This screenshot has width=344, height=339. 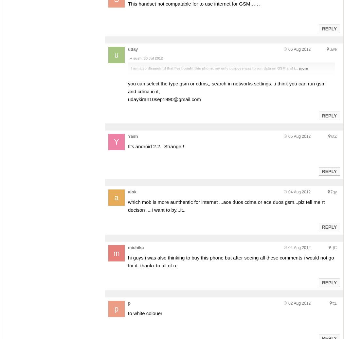 What do you see at coordinates (127, 87) in the screenshot?
I see `'you can select the type gsm or cdms,, search in networks  settings...i think you can run gsm and cdma in it,'` at bounding box center [127, 87].